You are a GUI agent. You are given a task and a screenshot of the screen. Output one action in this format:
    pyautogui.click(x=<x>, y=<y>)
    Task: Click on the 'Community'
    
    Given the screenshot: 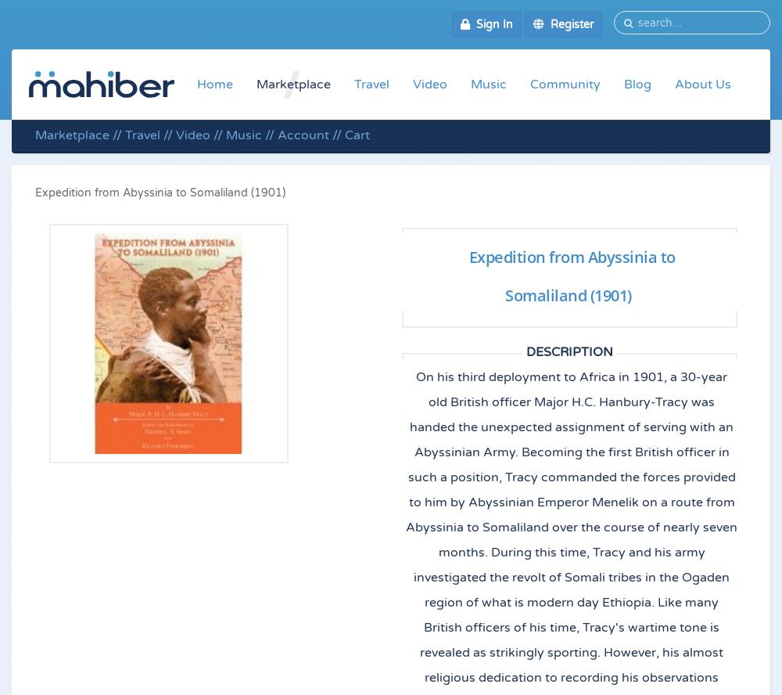 What is the action you would take?
    pyautogui.click(x=565, y=83)
    